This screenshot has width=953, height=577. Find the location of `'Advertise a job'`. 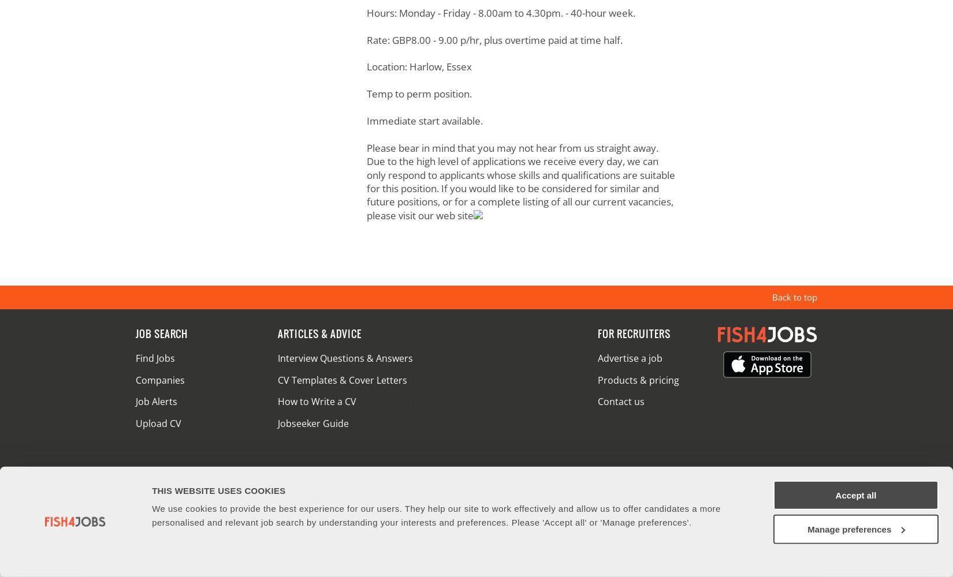

'Advertise a job' is located at coordinates (629, 357).